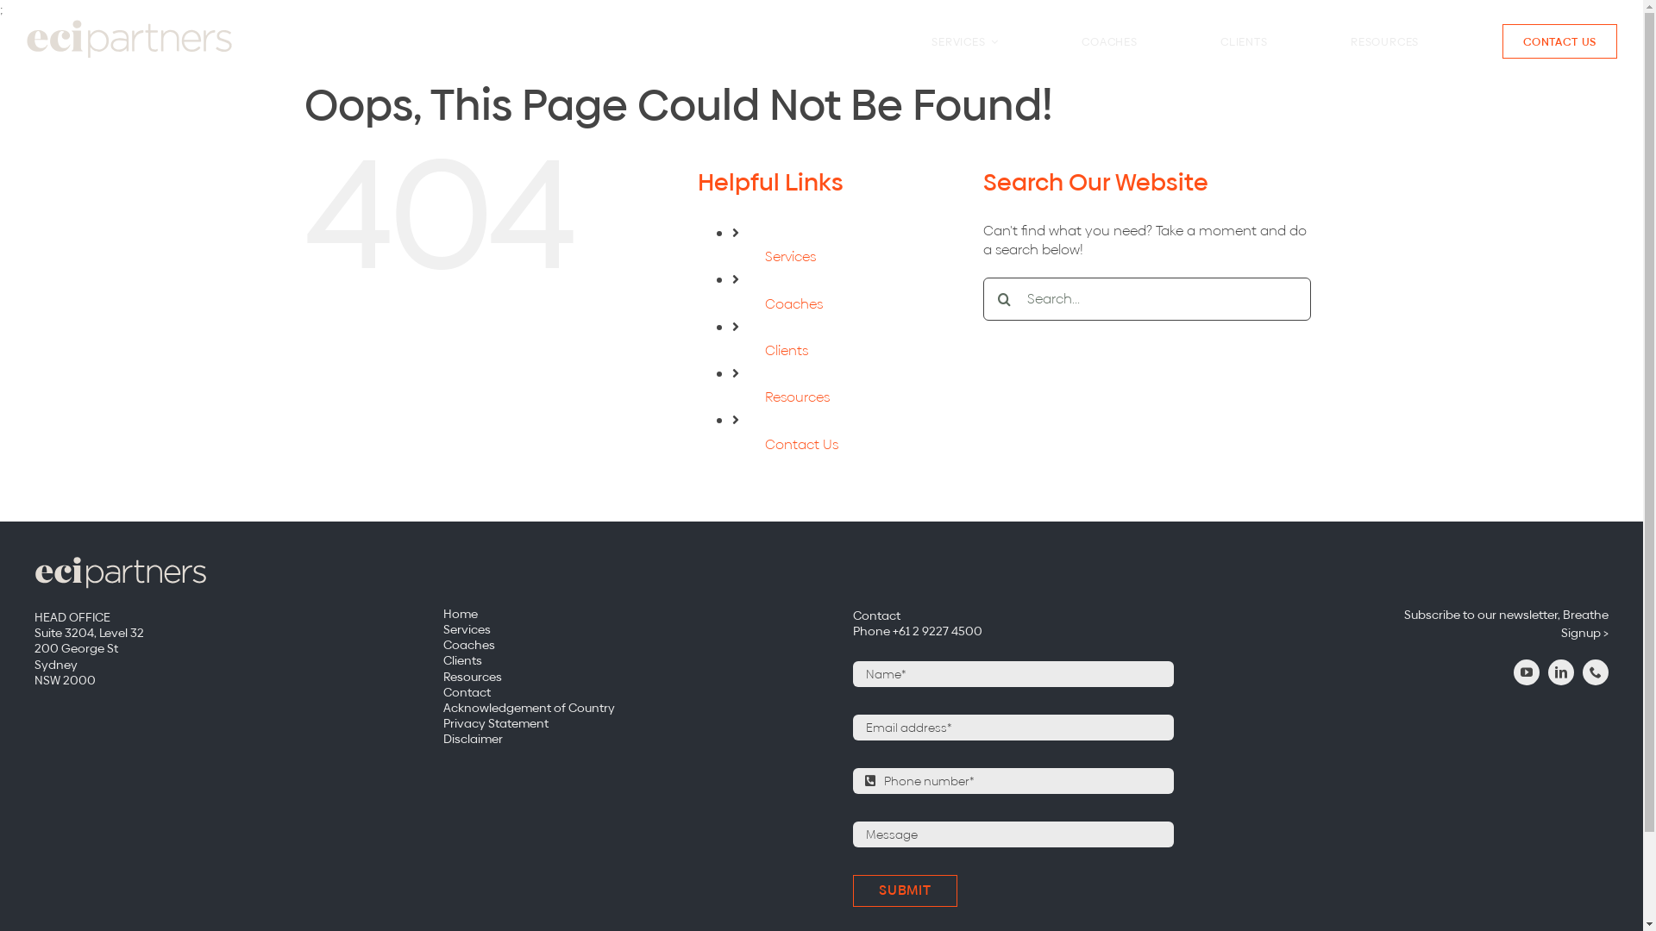  Describe the element at coordinates (852, 631) in the screenshot. I see `'Phone +61 2 9227 4500'` at that location.